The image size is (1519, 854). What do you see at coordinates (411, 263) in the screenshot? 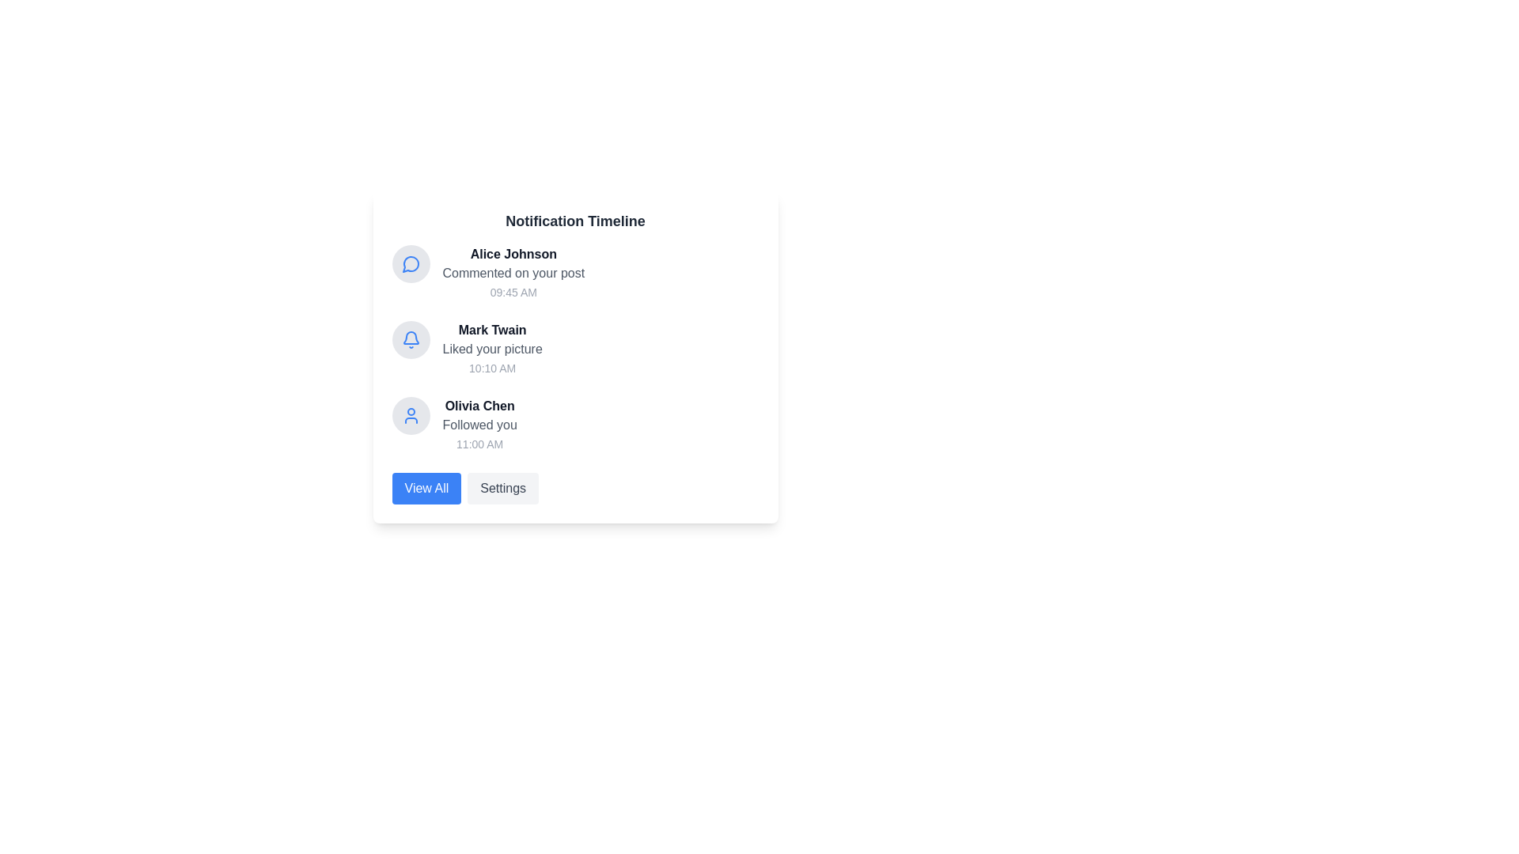
I see `the circular gray background enclosing the blue chat bubble icon representing Alice Johnson's comment at 09:45 AM in the notification timeline` at bounding box center [411, 263].